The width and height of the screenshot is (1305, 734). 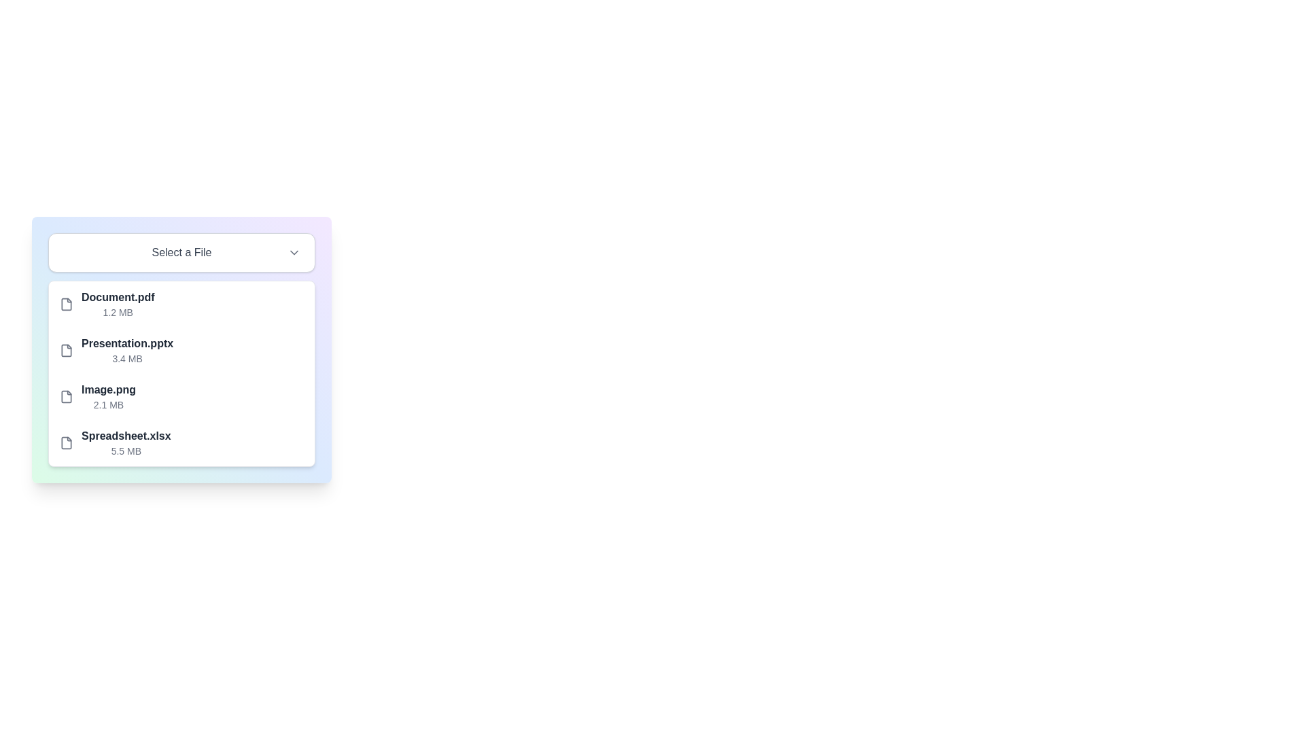 What do you see at coordinates (181, 349) in the screenshot?
I see `the second file entry in the list titled 'Select a File' that displays 'Presentation.pptx'` at bounding box center [181, 349].